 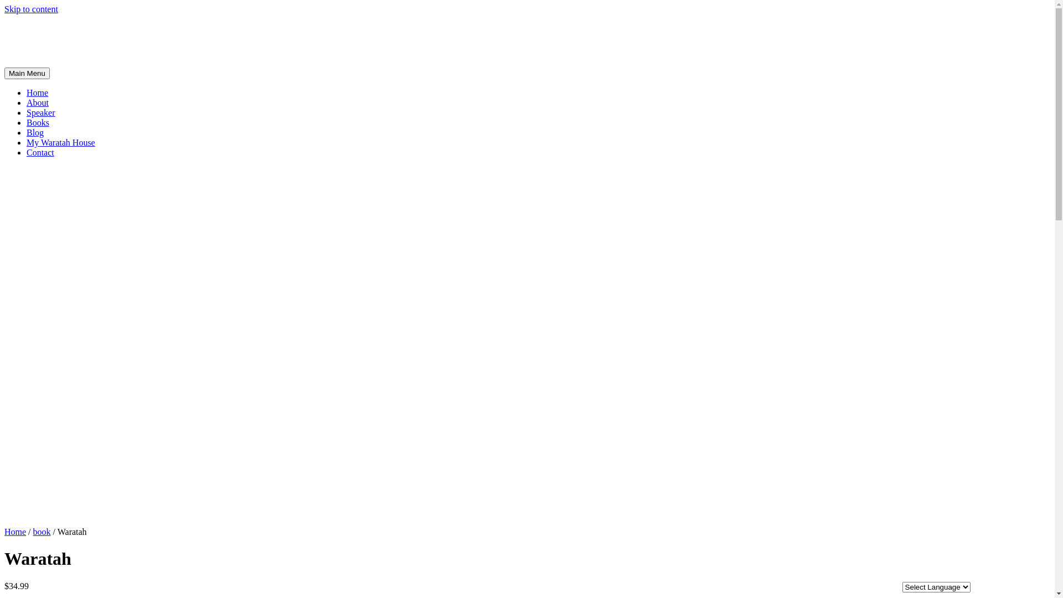 I want to click on 'Contact', so click(x=40, y=152).